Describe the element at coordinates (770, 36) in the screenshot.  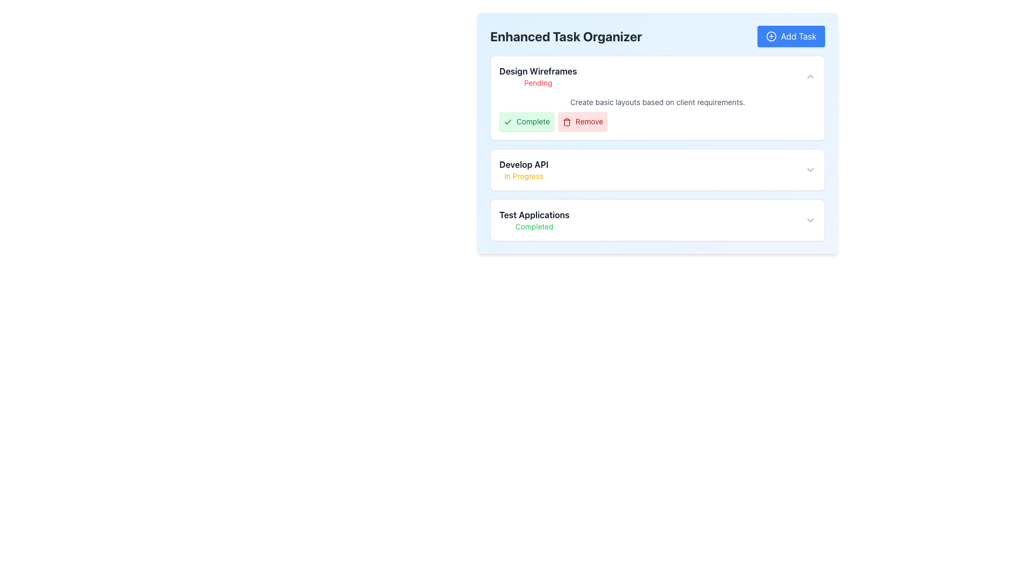
I see `the first SVG circle element, which has a radius of 10 pixels and is part of an icon in the top-right corner near the 'Add Task' button` at that location.